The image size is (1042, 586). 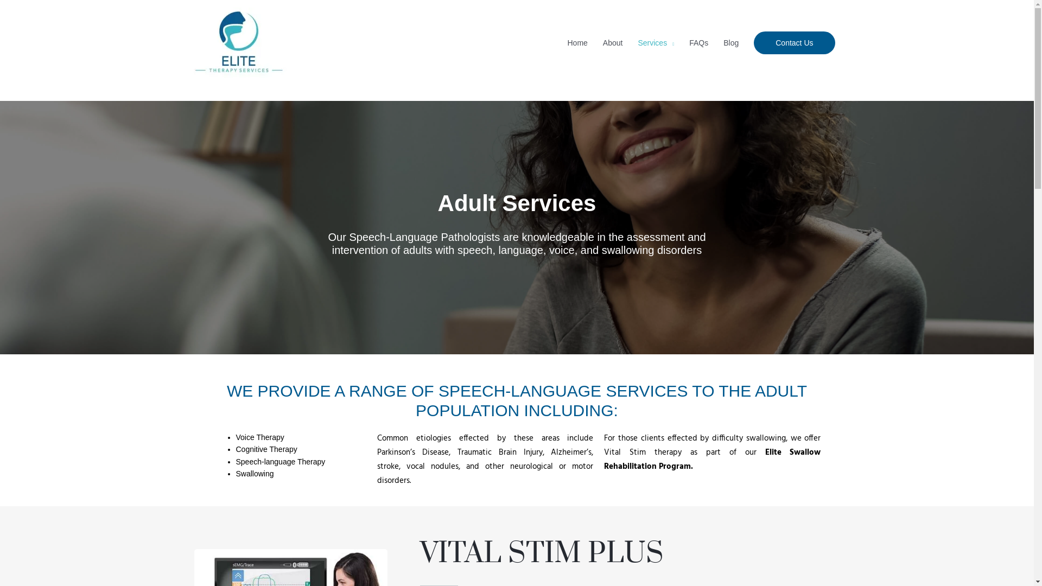 I want to click on 'About', so click(x=613, y=42).